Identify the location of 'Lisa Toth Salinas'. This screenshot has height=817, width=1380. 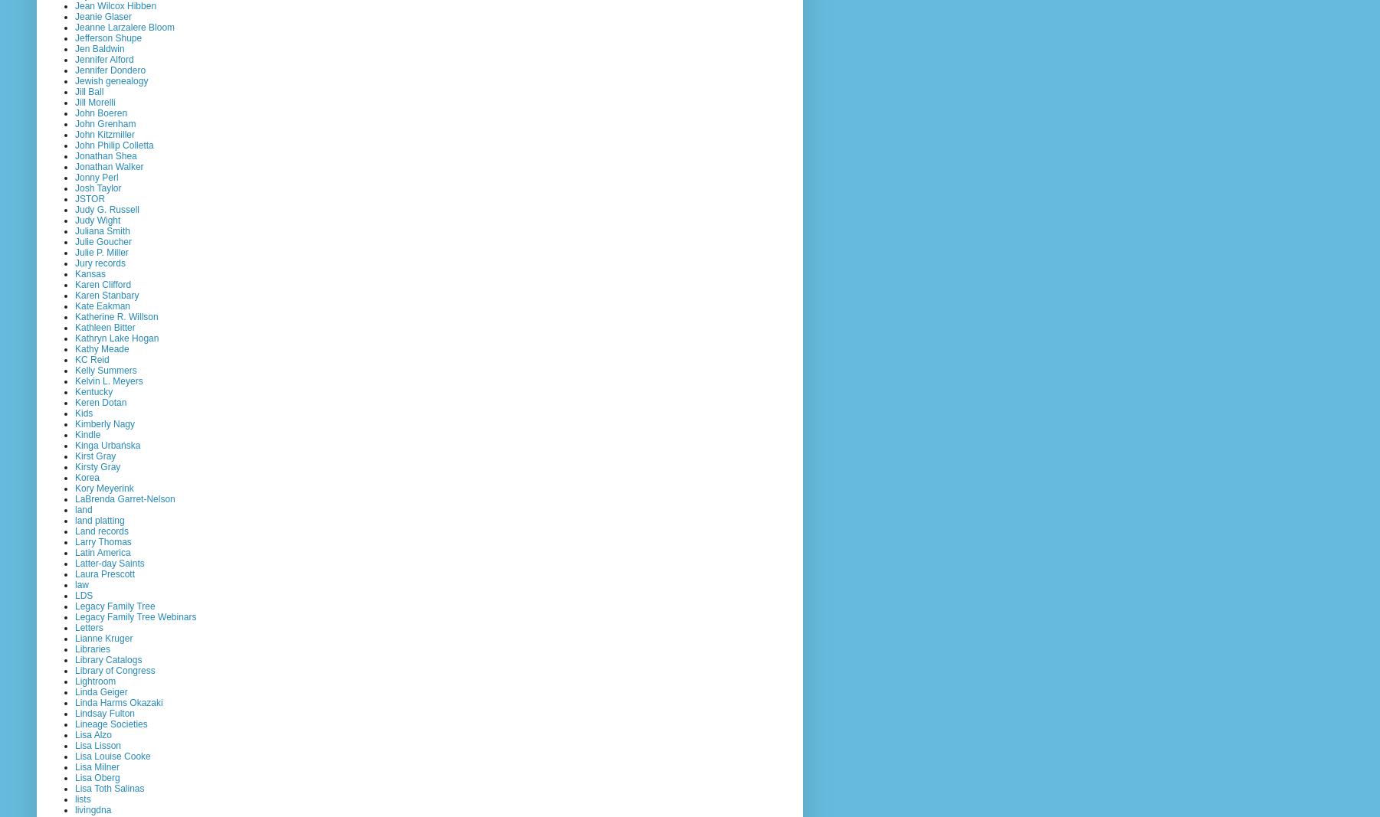
(109, 788).